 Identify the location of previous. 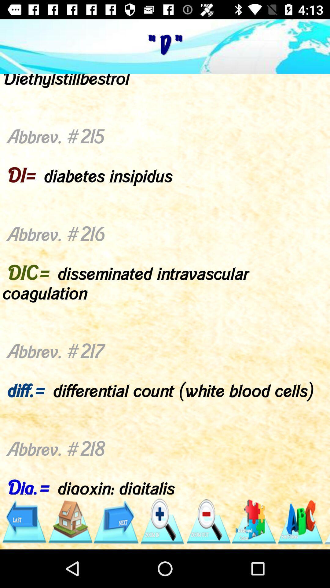
(24, 521).